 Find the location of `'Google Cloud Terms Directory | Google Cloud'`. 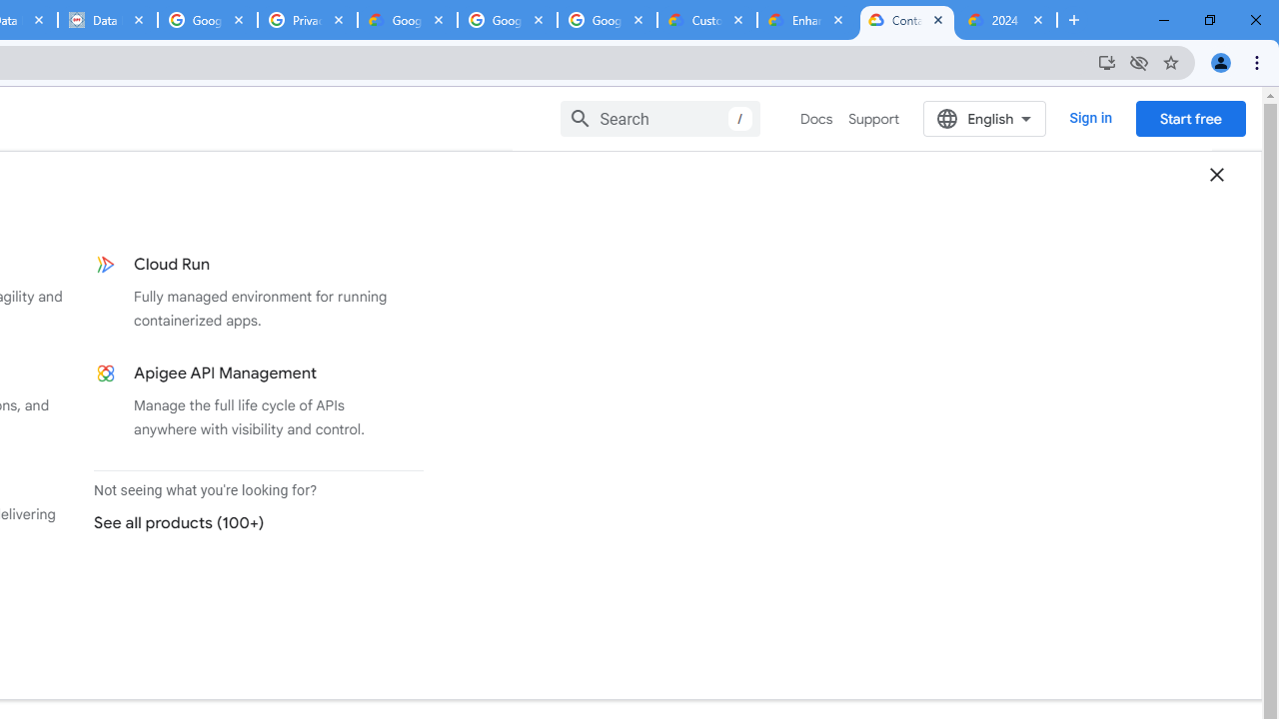

'Google Cloud Terms Directory | Google Cloud' is located at coordinates (407, 20).